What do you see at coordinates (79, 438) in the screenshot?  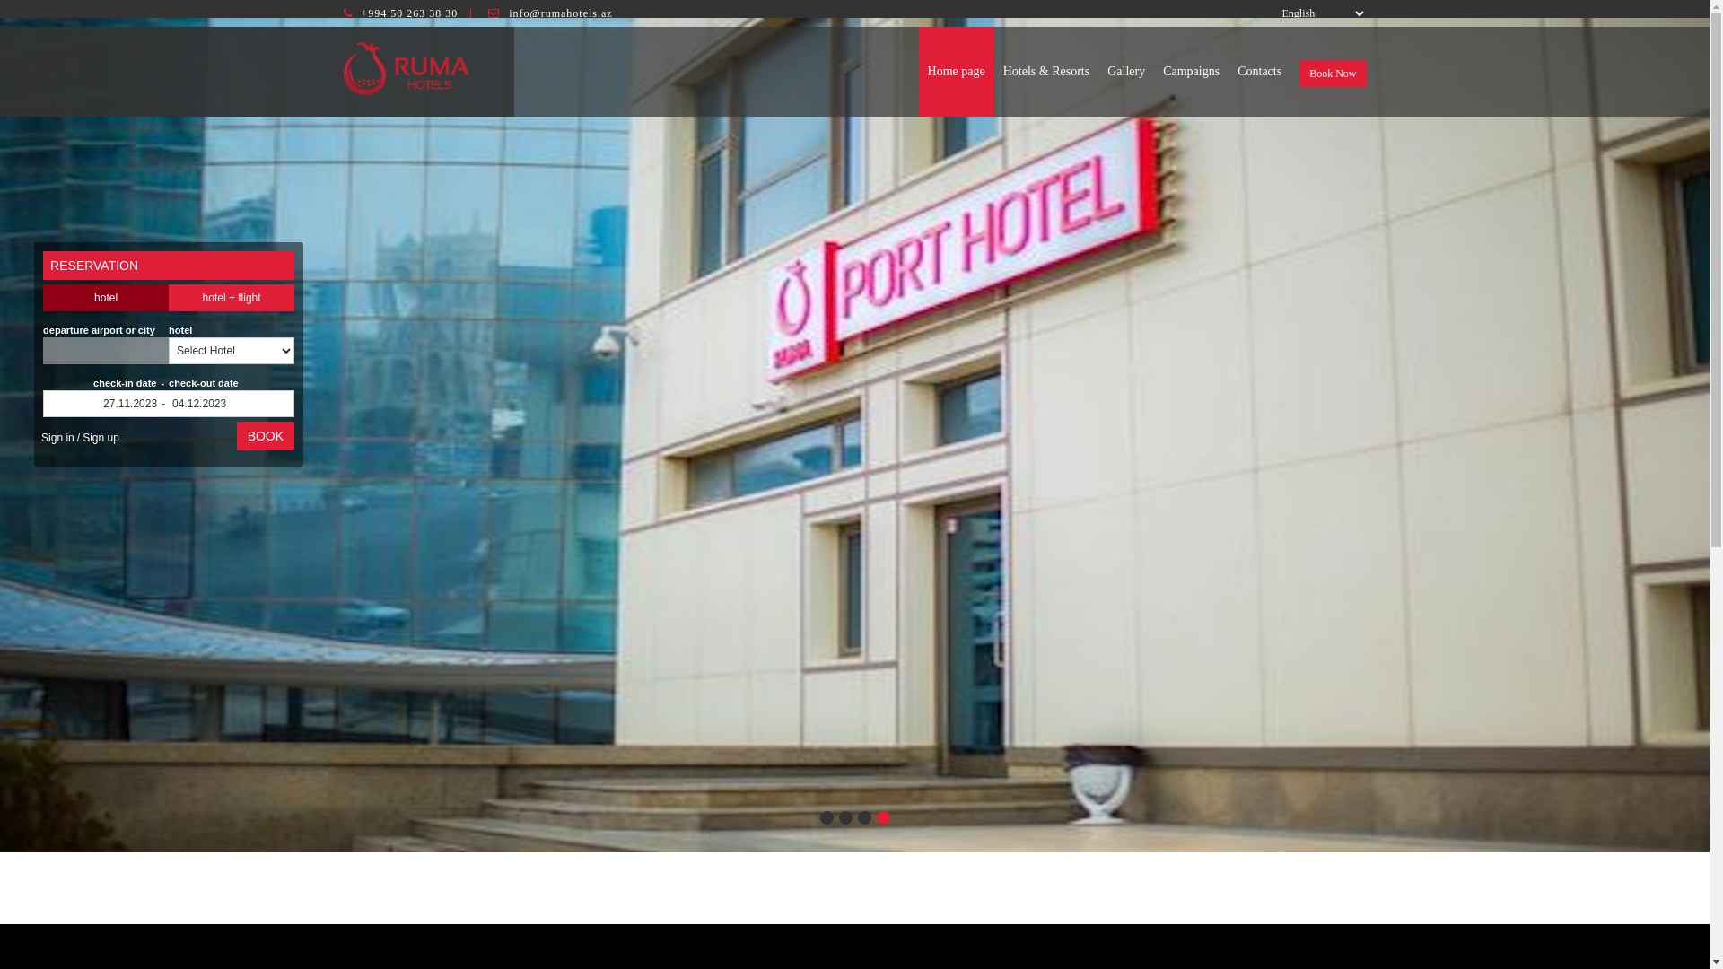 I see `'Sign up'` at bounding box center [79, 438].